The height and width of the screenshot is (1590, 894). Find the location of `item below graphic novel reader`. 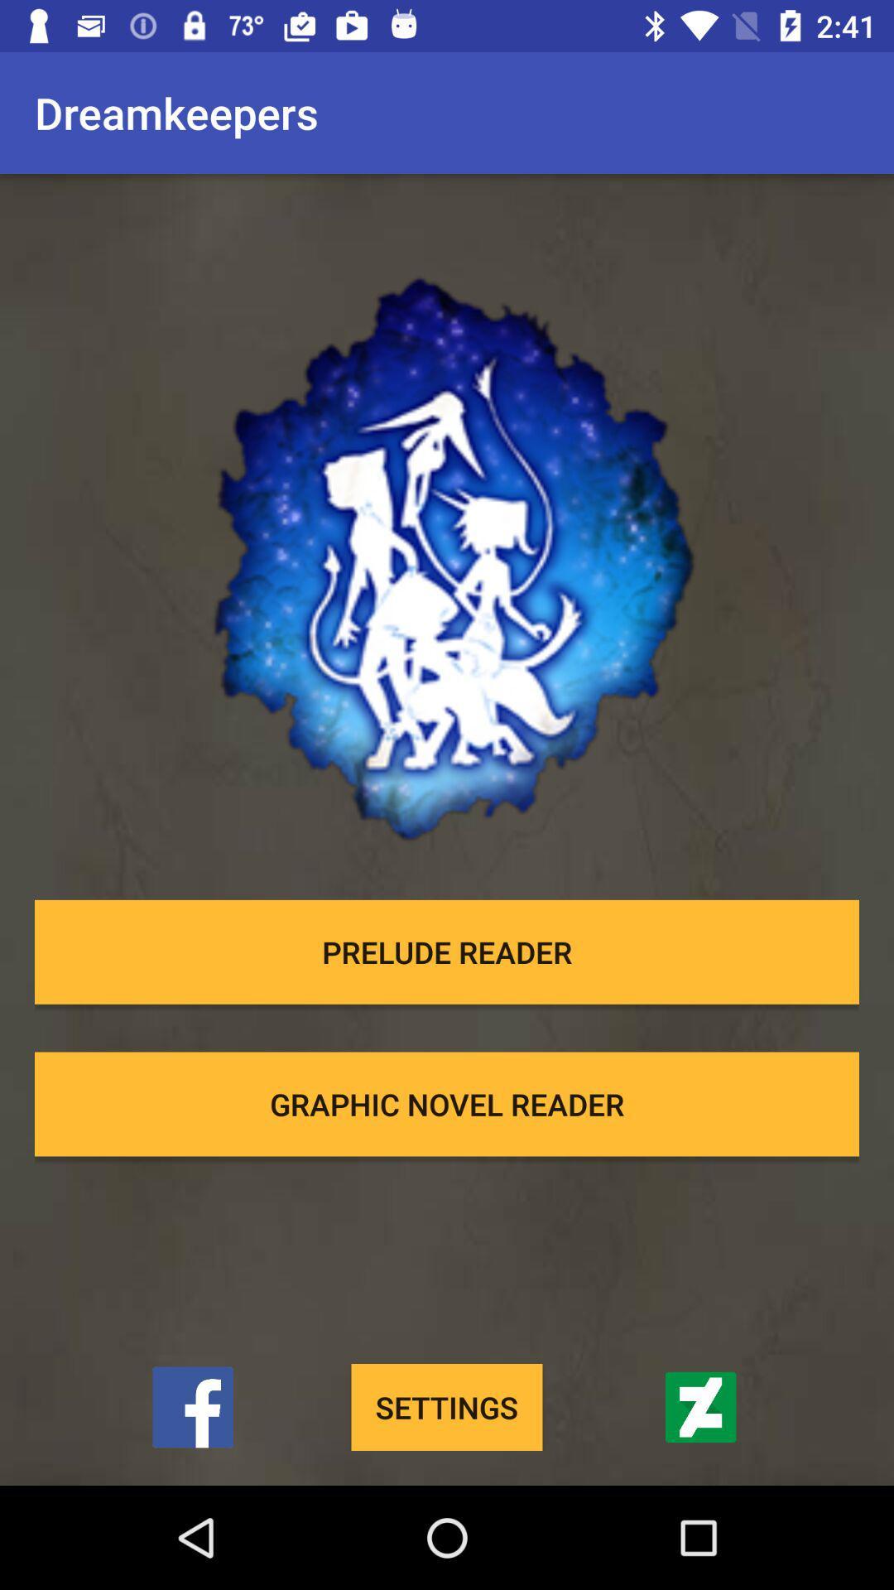

item below graphic novel reader is located at coordinates (447, 1406).